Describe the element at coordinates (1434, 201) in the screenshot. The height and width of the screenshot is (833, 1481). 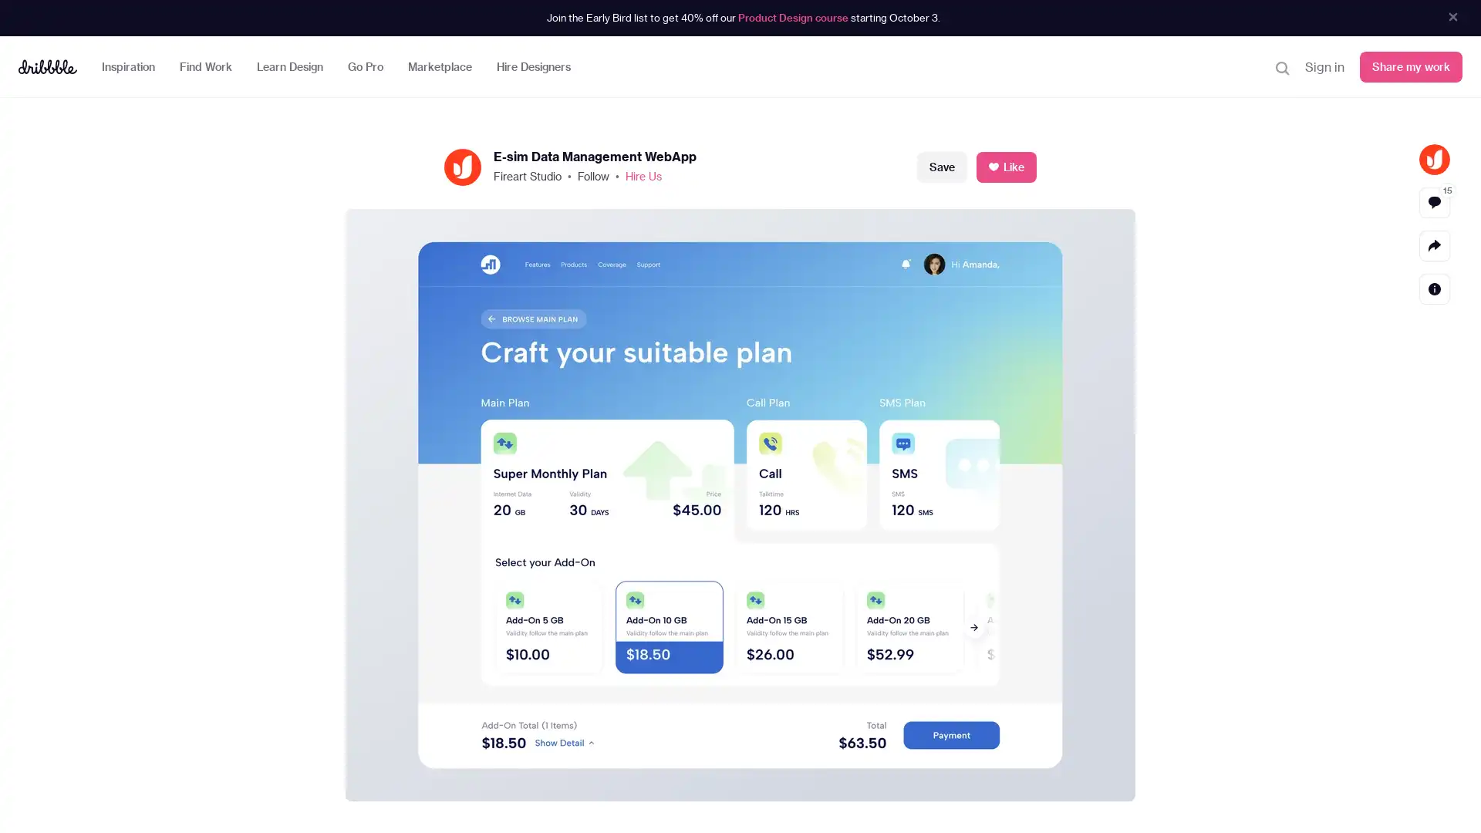
I see `View comments 15` at that location.